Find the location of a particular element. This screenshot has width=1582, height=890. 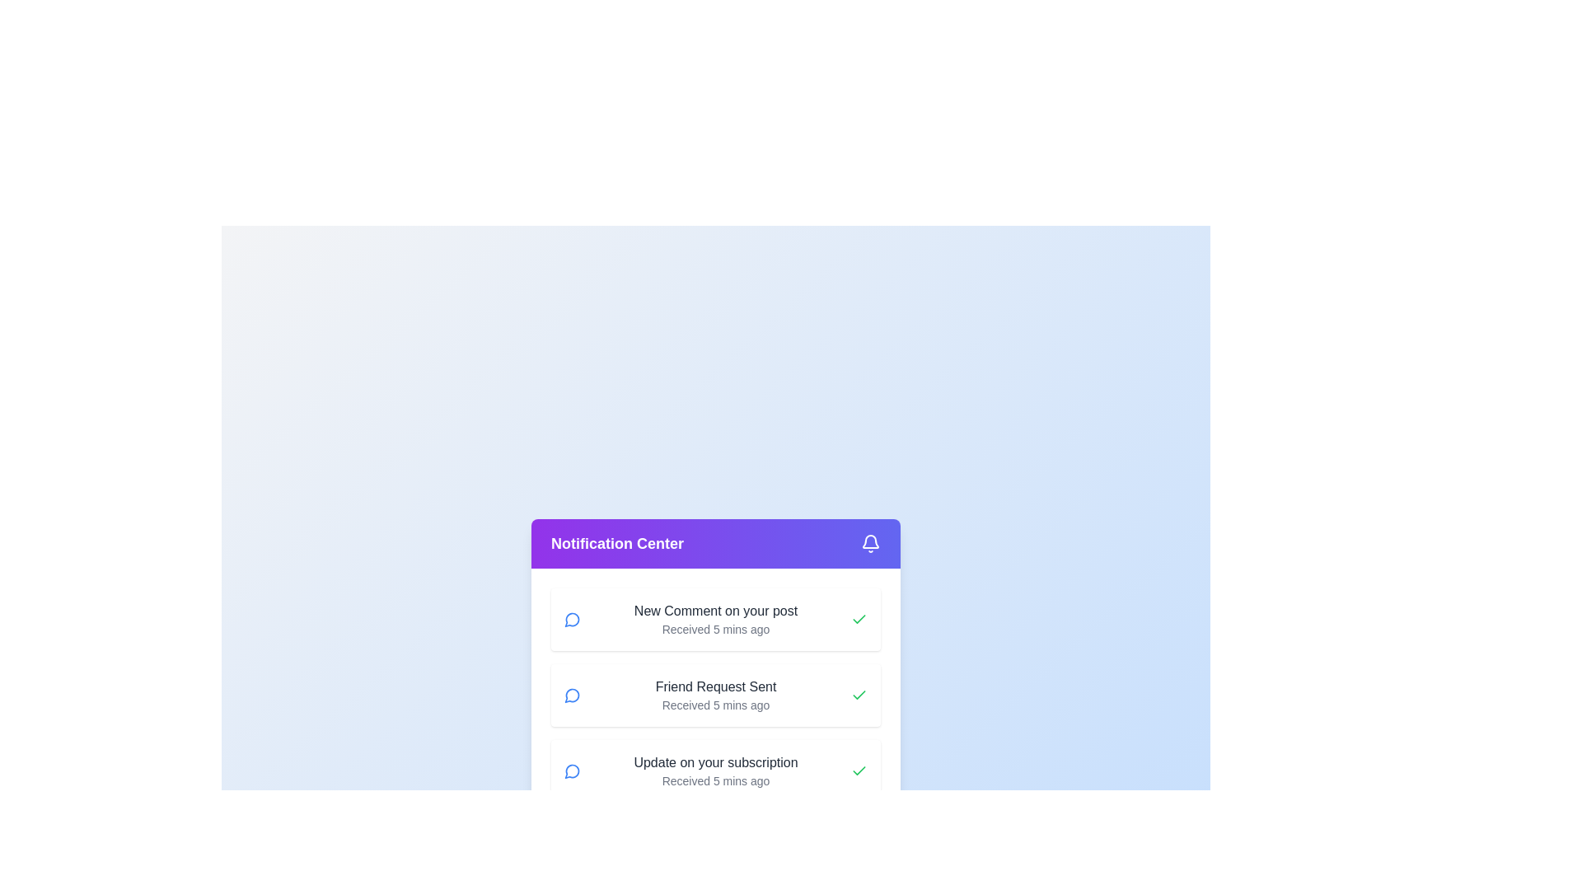

the green checkmark icon located on the right side of the third notification tile, which indicates success or completion is located at coordinates (858, 695).